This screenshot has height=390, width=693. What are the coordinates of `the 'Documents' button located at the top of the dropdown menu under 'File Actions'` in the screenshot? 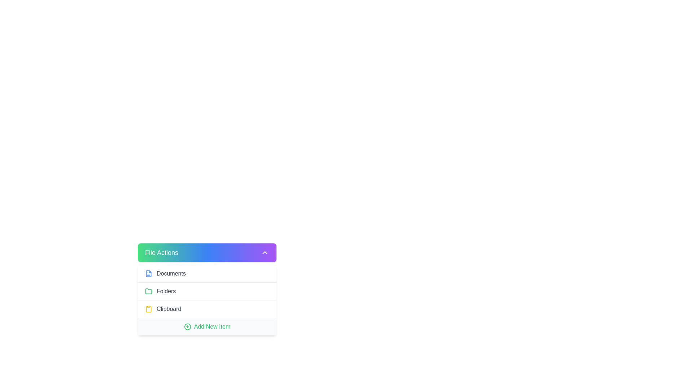 It's located at (207, 274).